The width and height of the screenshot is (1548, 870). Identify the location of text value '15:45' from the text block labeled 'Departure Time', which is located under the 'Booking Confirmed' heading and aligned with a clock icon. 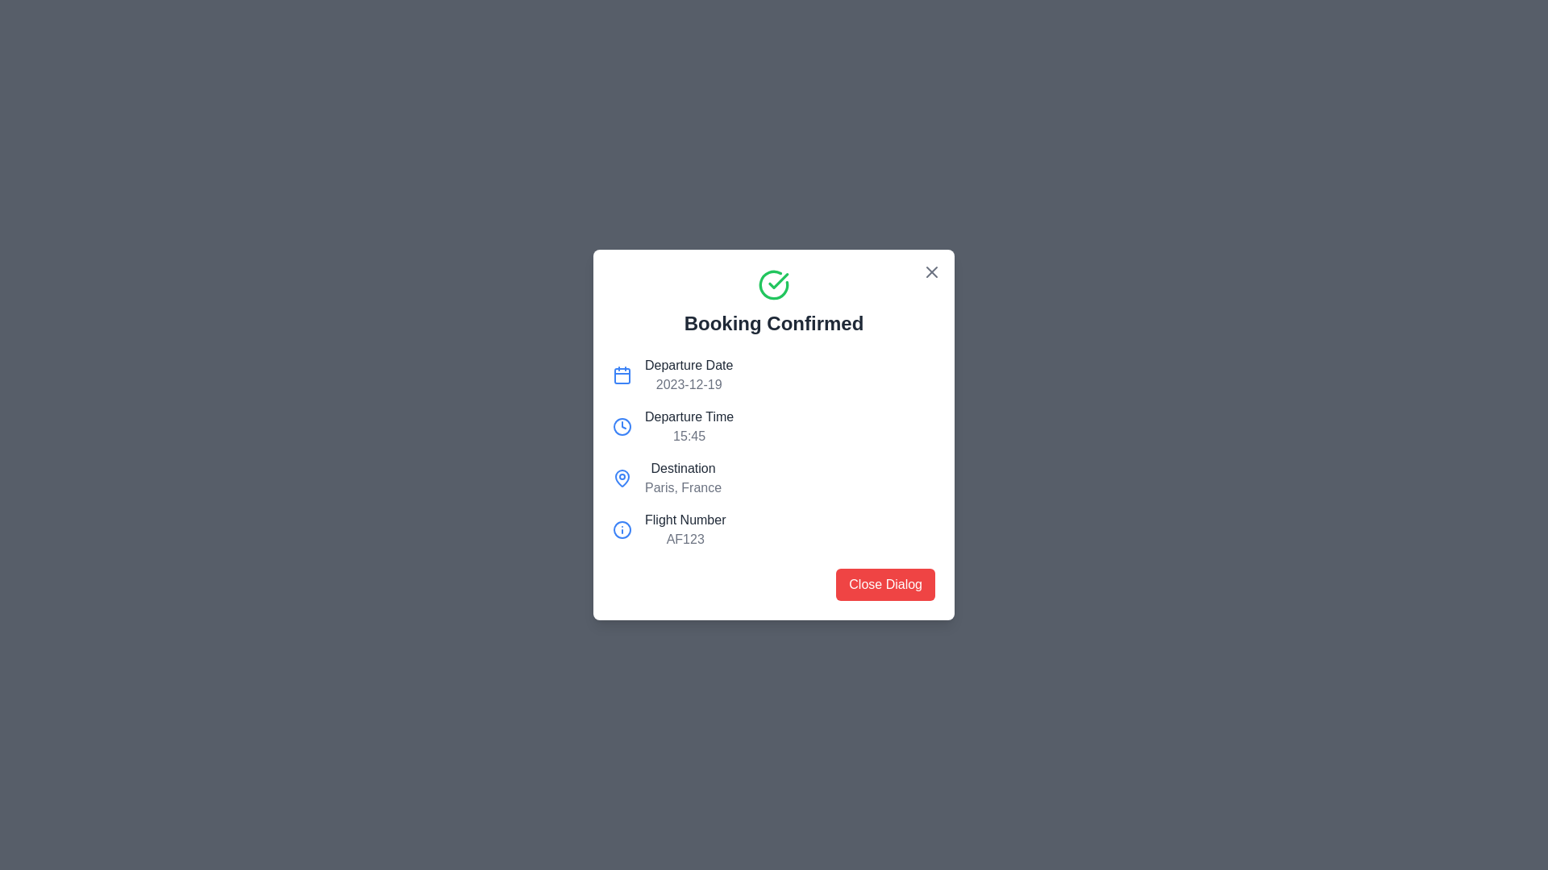
(689, 425).